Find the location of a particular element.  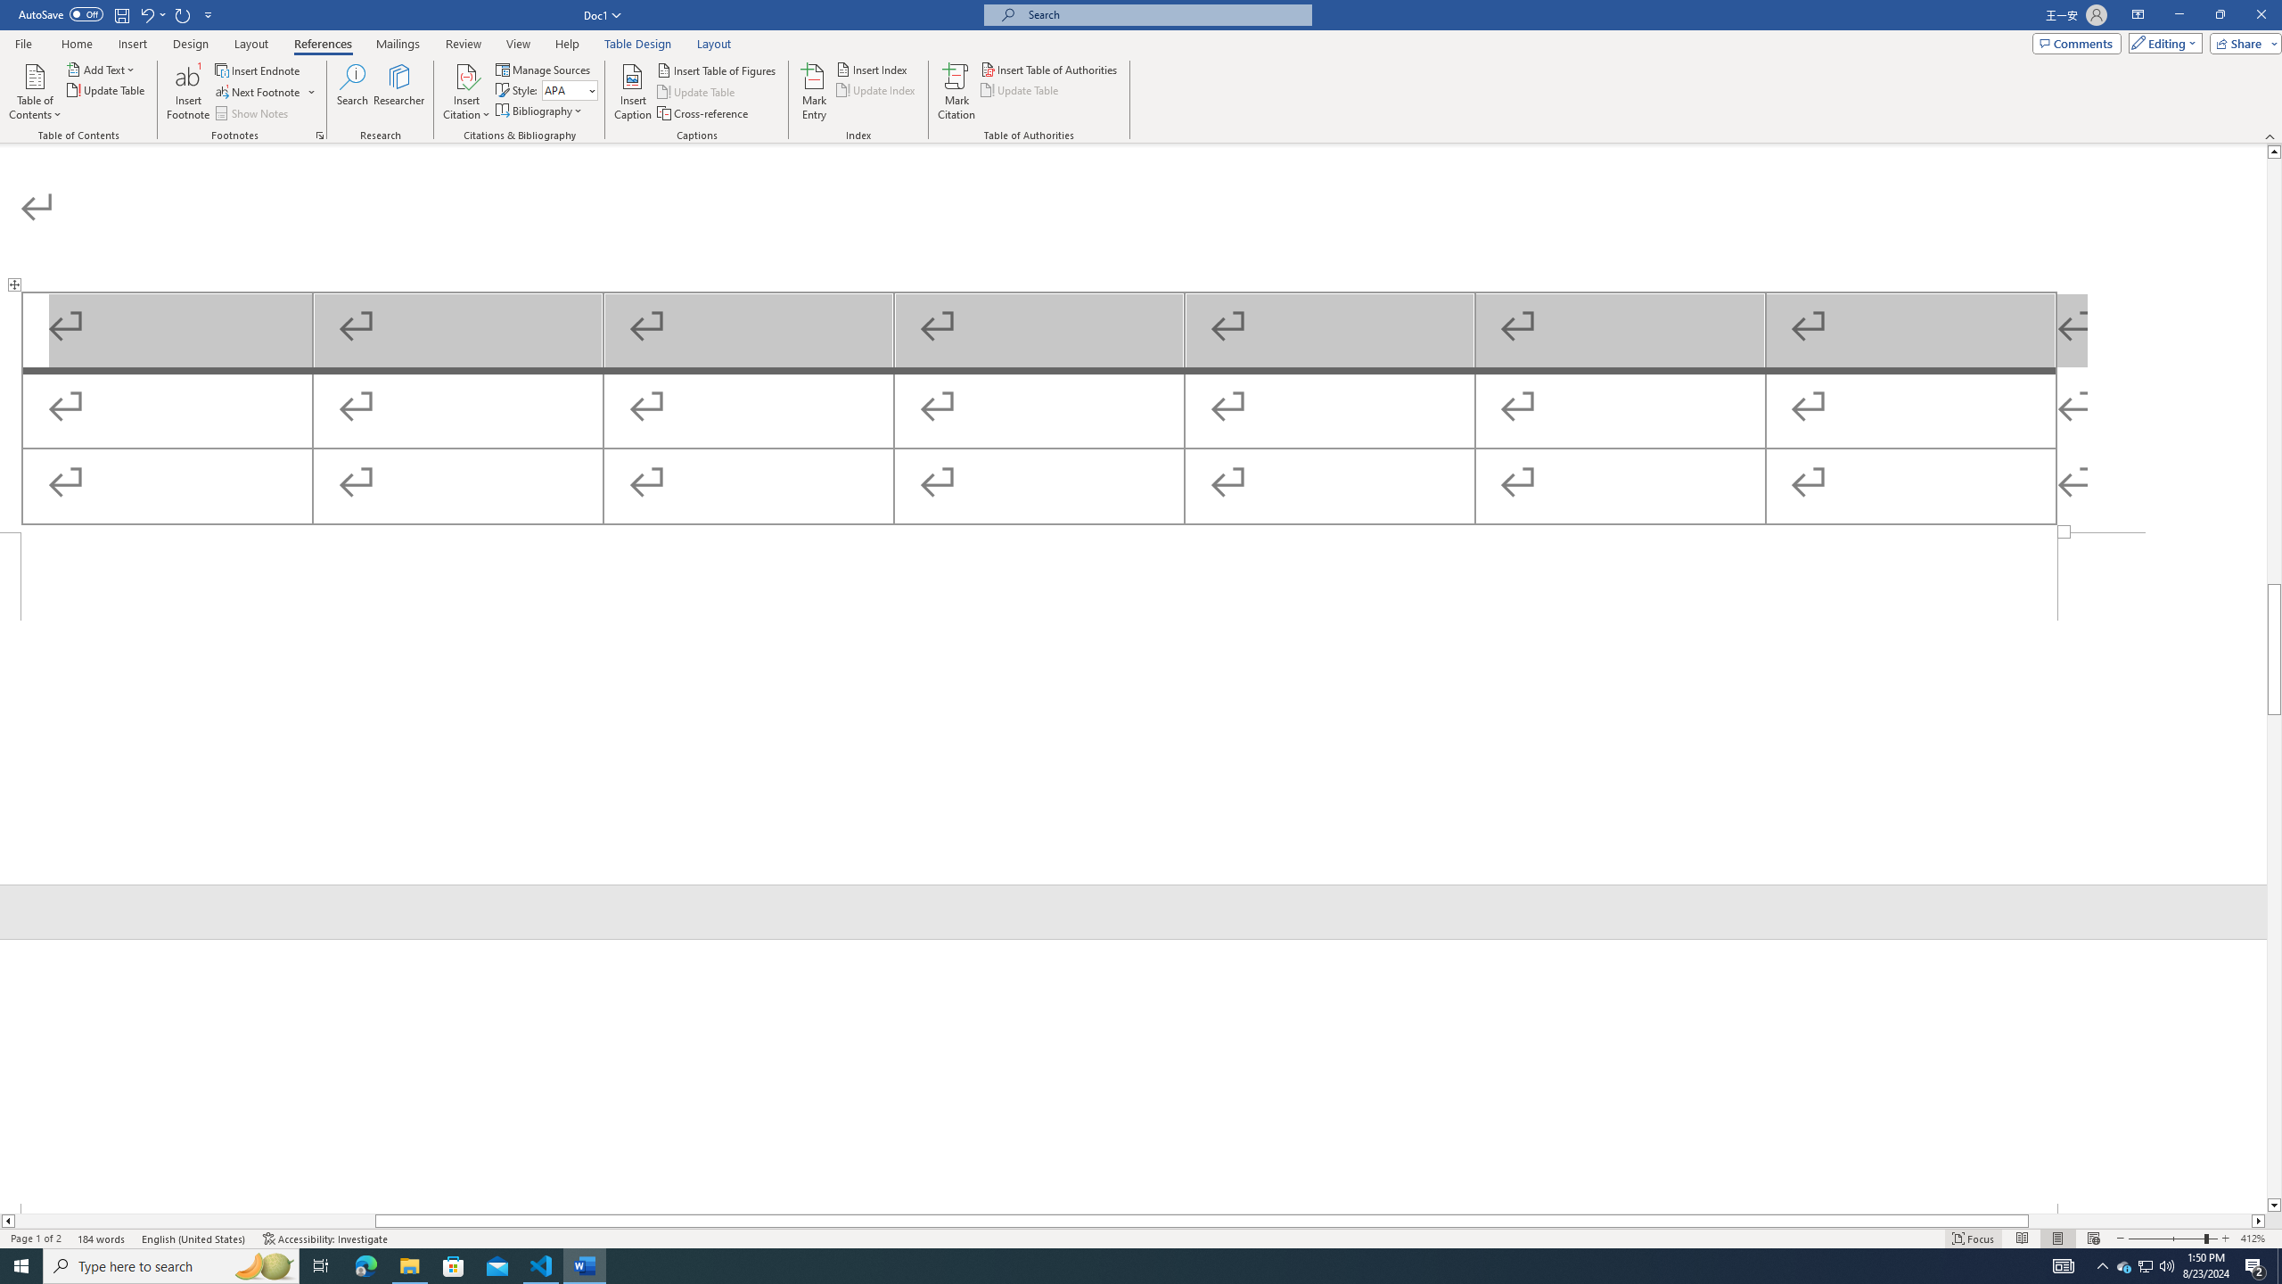

'Insert Index...' is located at coordinates (872, 69).